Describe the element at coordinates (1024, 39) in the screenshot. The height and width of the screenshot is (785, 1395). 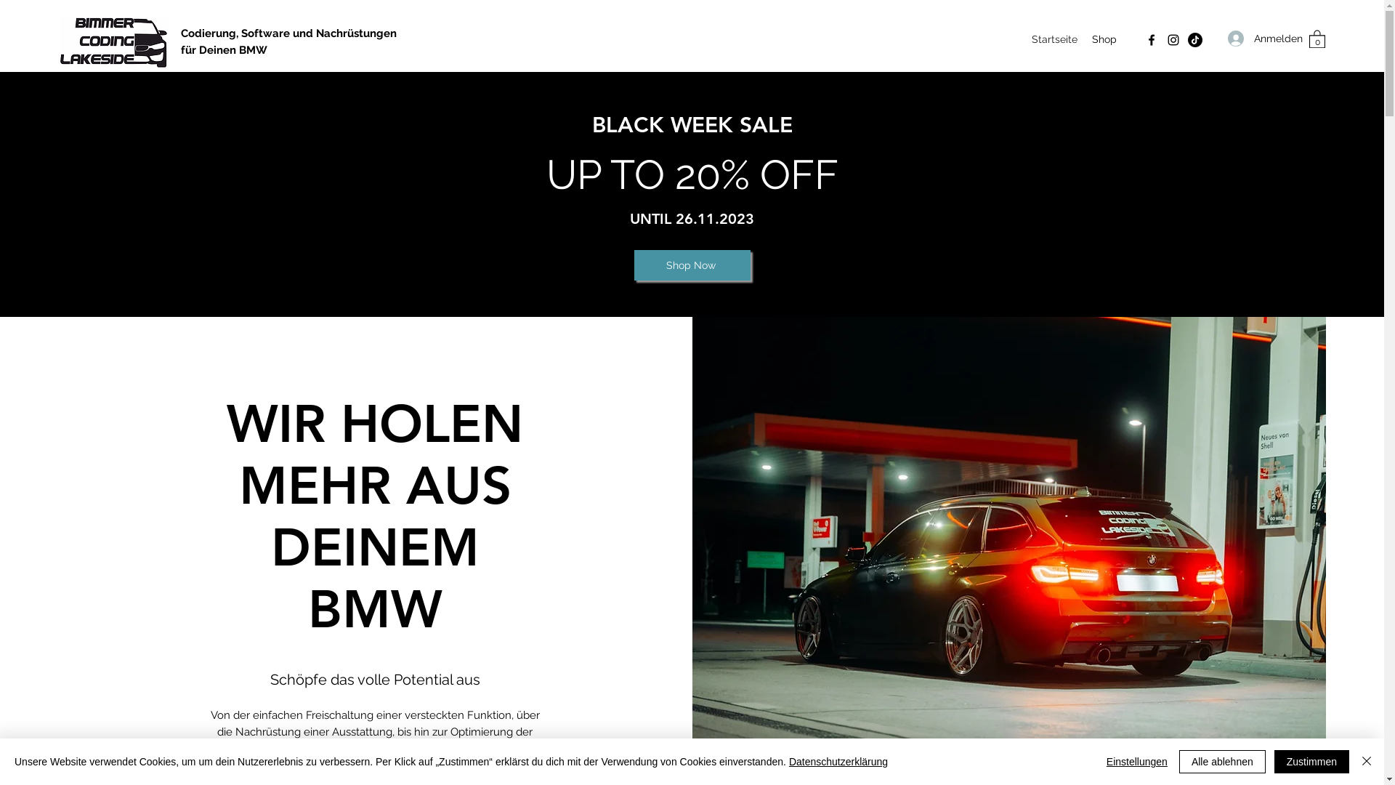
I see `'Startseite'` at that location.